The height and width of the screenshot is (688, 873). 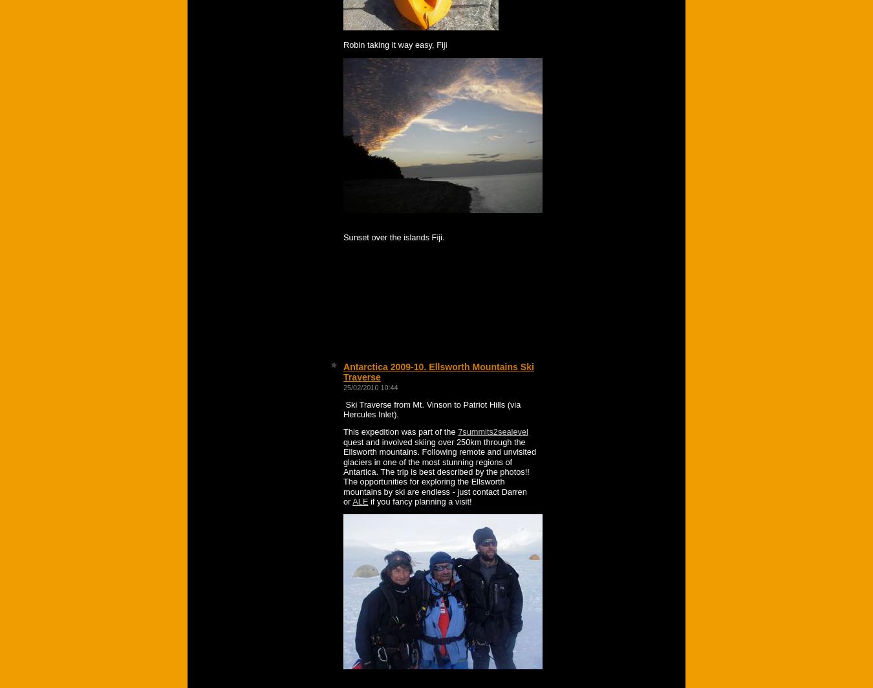 I want to click on 'Ski Traverse from Mt. Vinson to Patriot Hills (via Hercules Inlet).', so click(x=431, y=409).